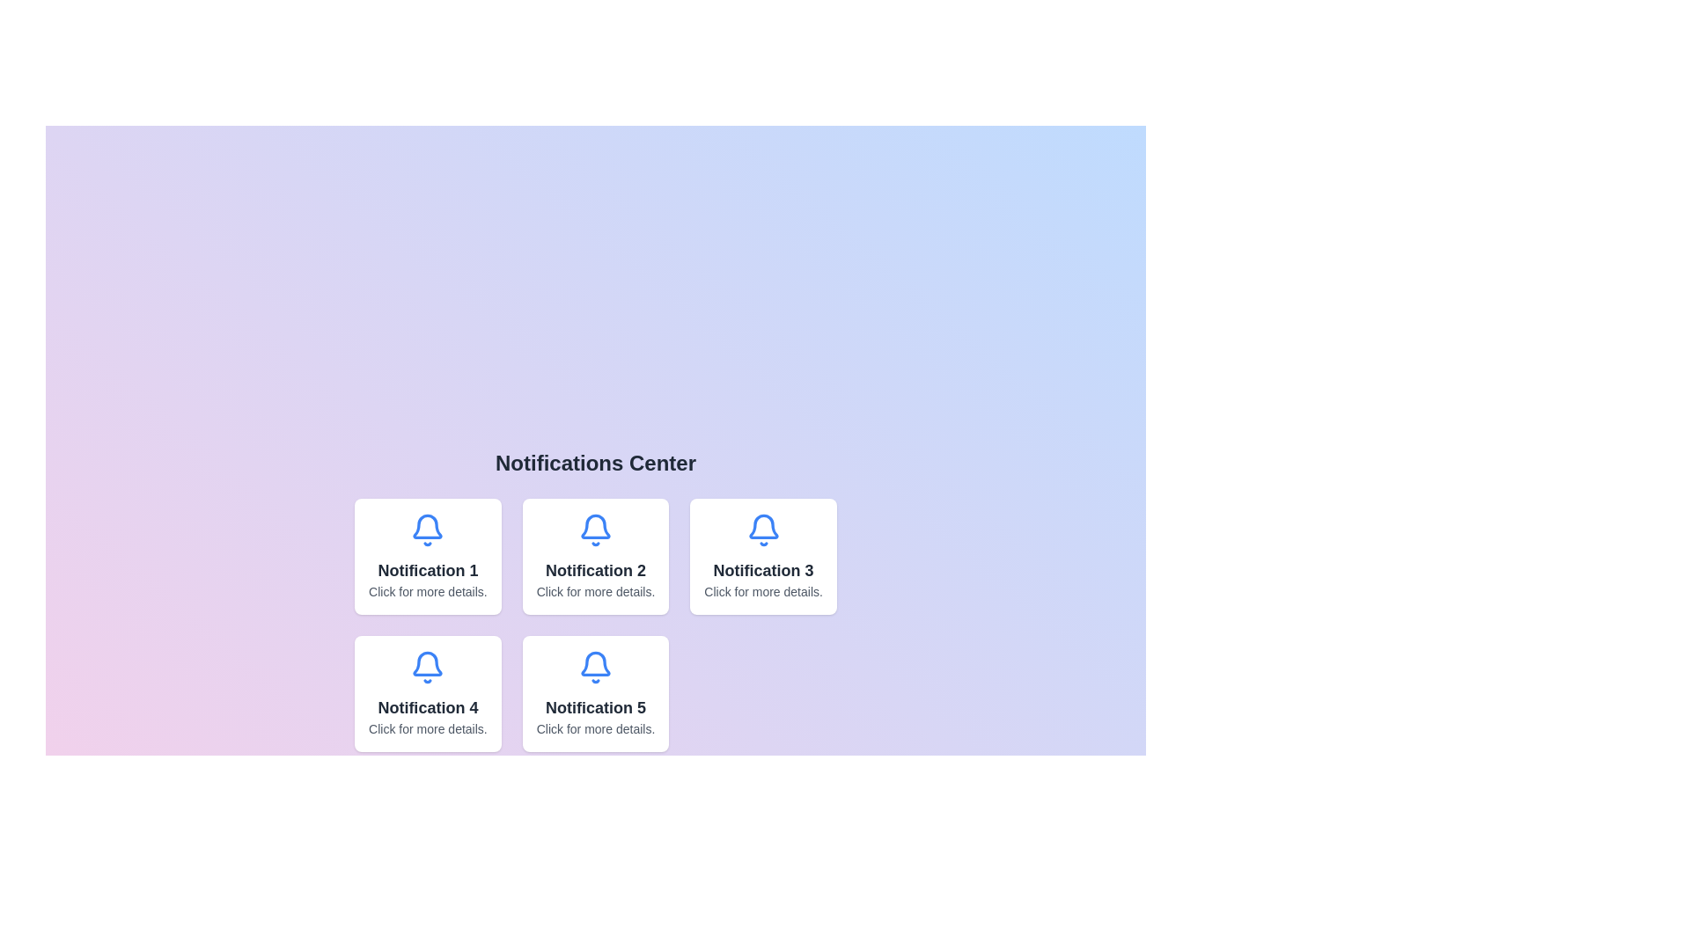 The height and width of the screenshot is (950, 1690). I want to click on the text label that serves as the title of the notification card, which is located at the bottom-right corner of the grid, positioned above the subtitle 'Click for more details.' and below an icon, so click(595, 707).